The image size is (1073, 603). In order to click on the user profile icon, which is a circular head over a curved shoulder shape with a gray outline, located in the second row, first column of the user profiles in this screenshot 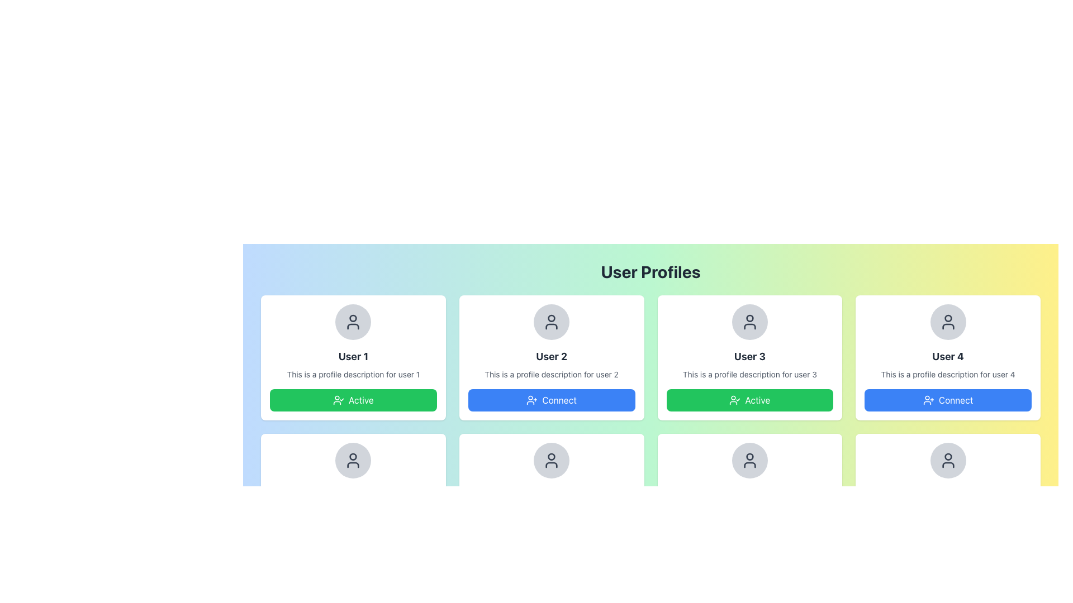, I will do `click(552, 461)`.